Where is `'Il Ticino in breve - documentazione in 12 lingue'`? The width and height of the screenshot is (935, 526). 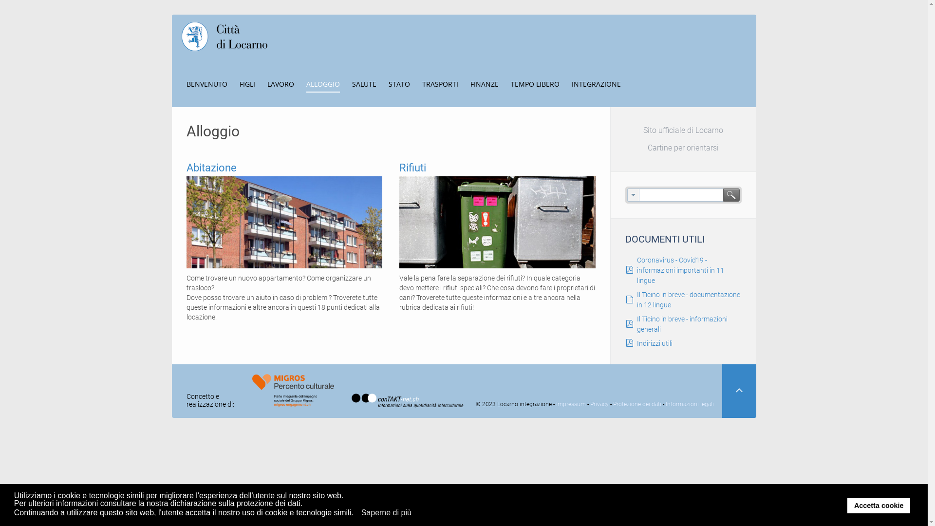
'Il Ticino in breve - documentazione in 12 lingue' is located at coordinates (688, 299).